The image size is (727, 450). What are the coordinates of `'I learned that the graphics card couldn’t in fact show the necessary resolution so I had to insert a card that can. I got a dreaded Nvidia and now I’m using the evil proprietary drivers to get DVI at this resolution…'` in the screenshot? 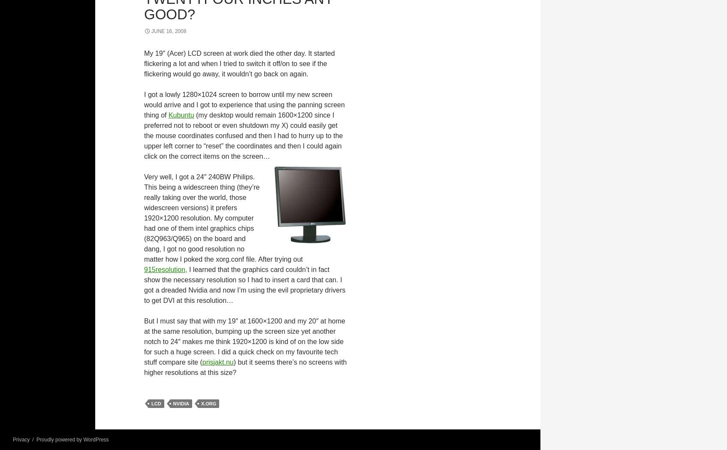 It's located at (143, 284).